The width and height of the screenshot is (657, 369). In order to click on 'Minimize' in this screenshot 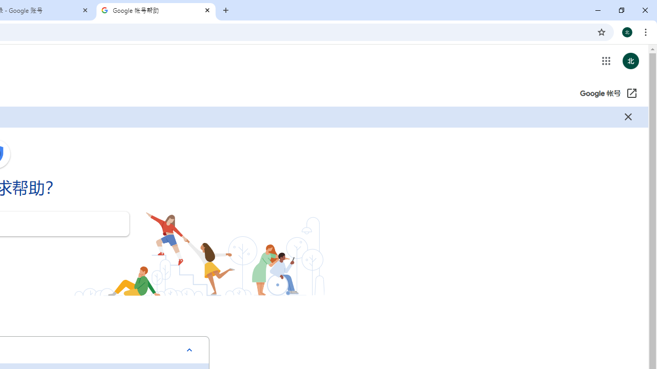, I will do `click(598, 10)`.